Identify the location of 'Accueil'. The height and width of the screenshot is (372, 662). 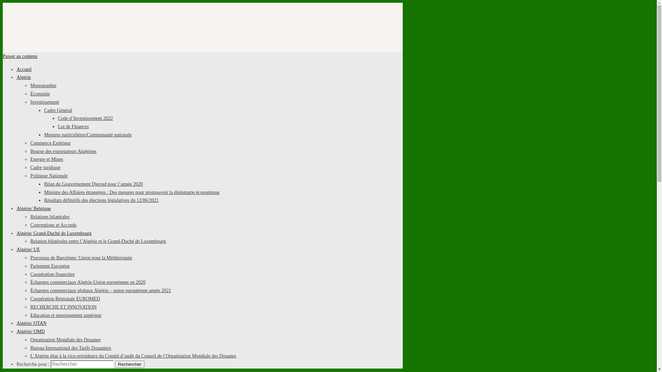
(24, 69).